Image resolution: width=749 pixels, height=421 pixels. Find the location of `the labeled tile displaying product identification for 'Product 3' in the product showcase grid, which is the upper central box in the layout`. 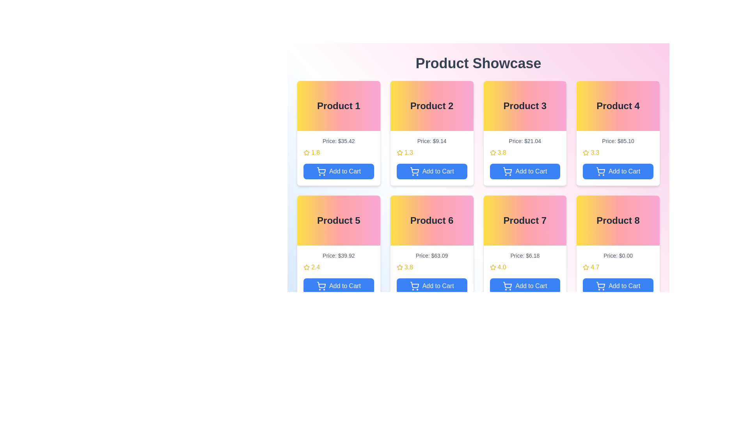

the labeled tile displaying product identification for 'Product 3' in the product showcase grid, which is the upper central box in the layout is located at coordinates (525, 106).